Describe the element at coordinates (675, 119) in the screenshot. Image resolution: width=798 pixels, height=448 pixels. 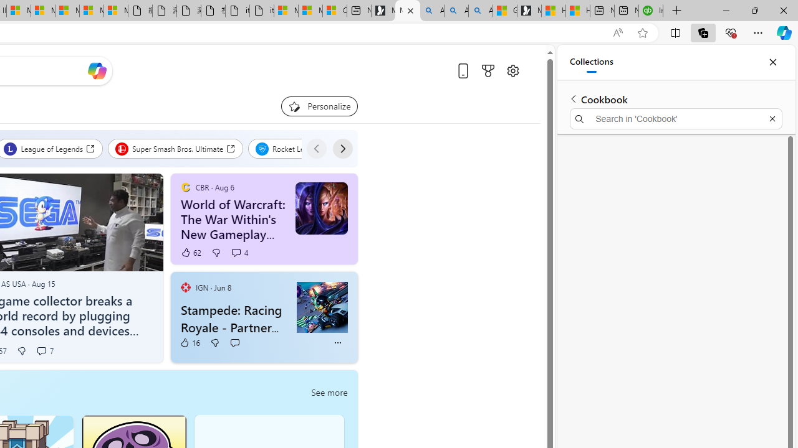
I see `'Search in '` at that location.